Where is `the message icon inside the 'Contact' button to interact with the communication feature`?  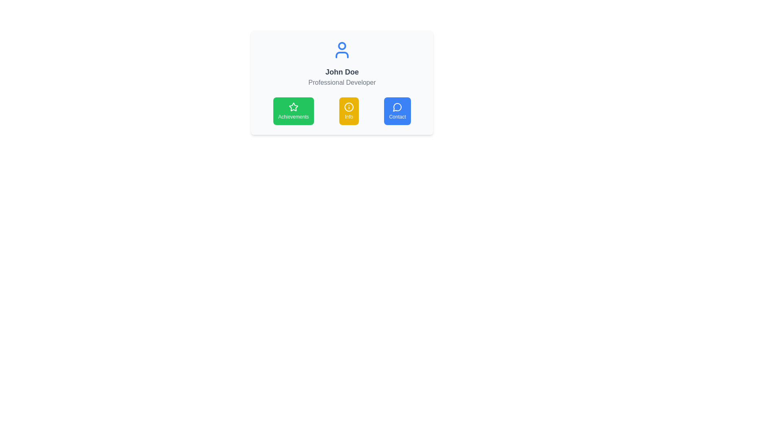 the message icon inside the 'Contact' button to interact with the communication feature is located at coordinates (398, 106).